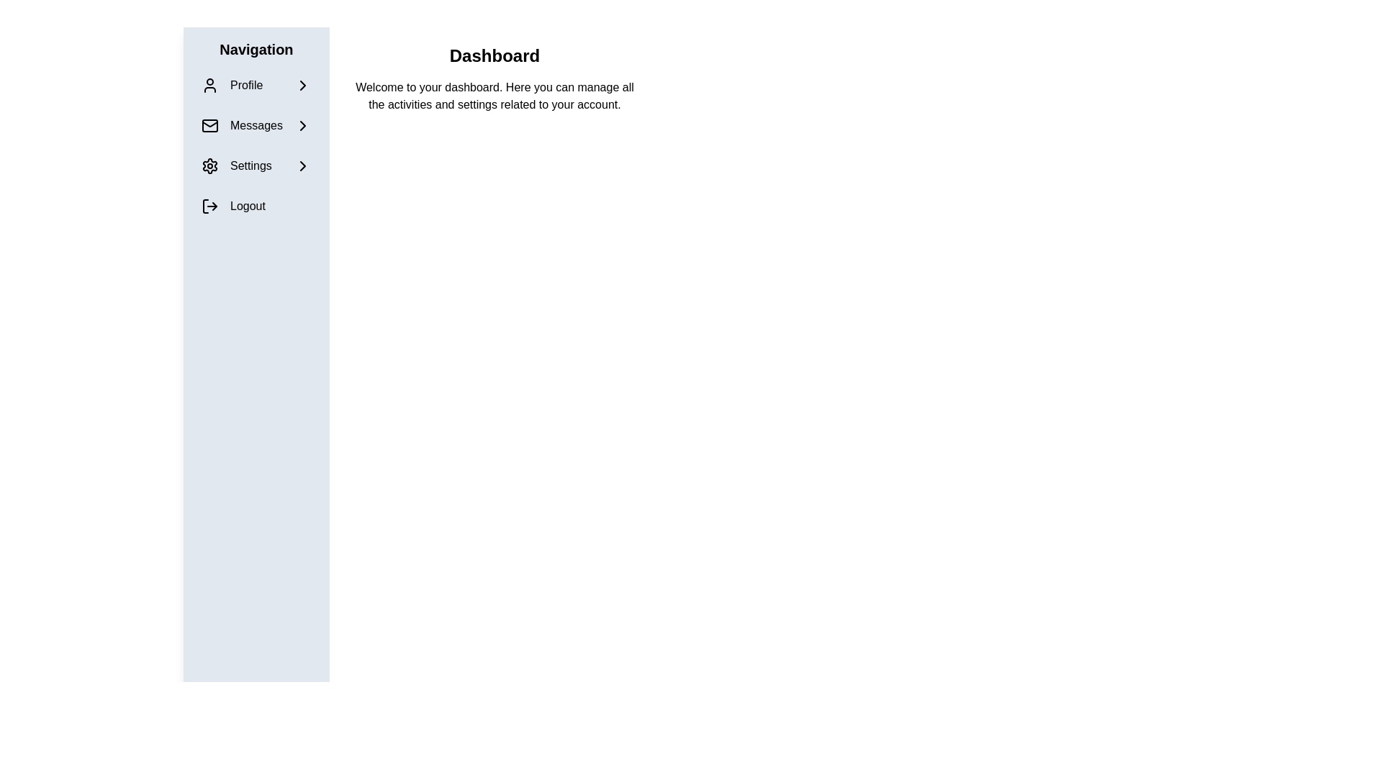 This screenshot has width=1382, height=777. Describe the element at coordinates (209, 165) in the screenshot. I see `the 'Settings' icon in the navigation menu` at that location.